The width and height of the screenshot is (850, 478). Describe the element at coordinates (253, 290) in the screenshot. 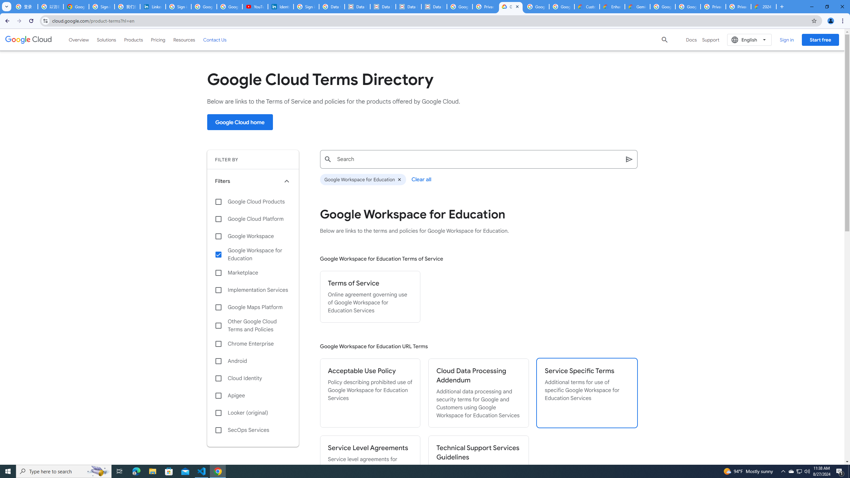

I see `'Implementation Services'` at that location.